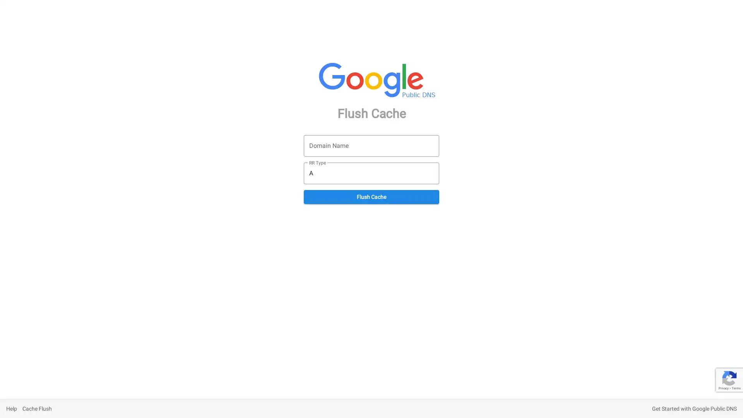 This screenshot has height=418, width=743. I want to click on Flush Cache, so click(371, 196).